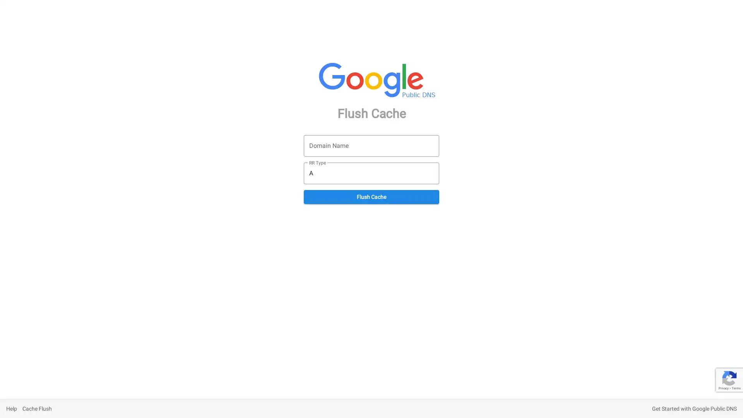 This screenshot has height=418, width=743. I want to click on Flush Cache, so click(371, 196).